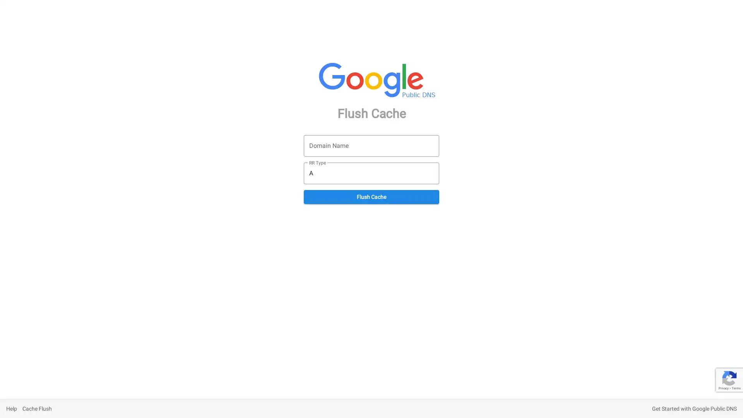 This screenshot has height=418, width=743. I want to click on Flush Cache, so click(371, 196).